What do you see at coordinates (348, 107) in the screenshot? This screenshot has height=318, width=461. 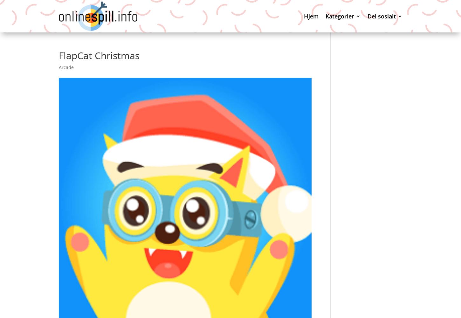 I see `'Customize'` at bounding box center [348, 107].